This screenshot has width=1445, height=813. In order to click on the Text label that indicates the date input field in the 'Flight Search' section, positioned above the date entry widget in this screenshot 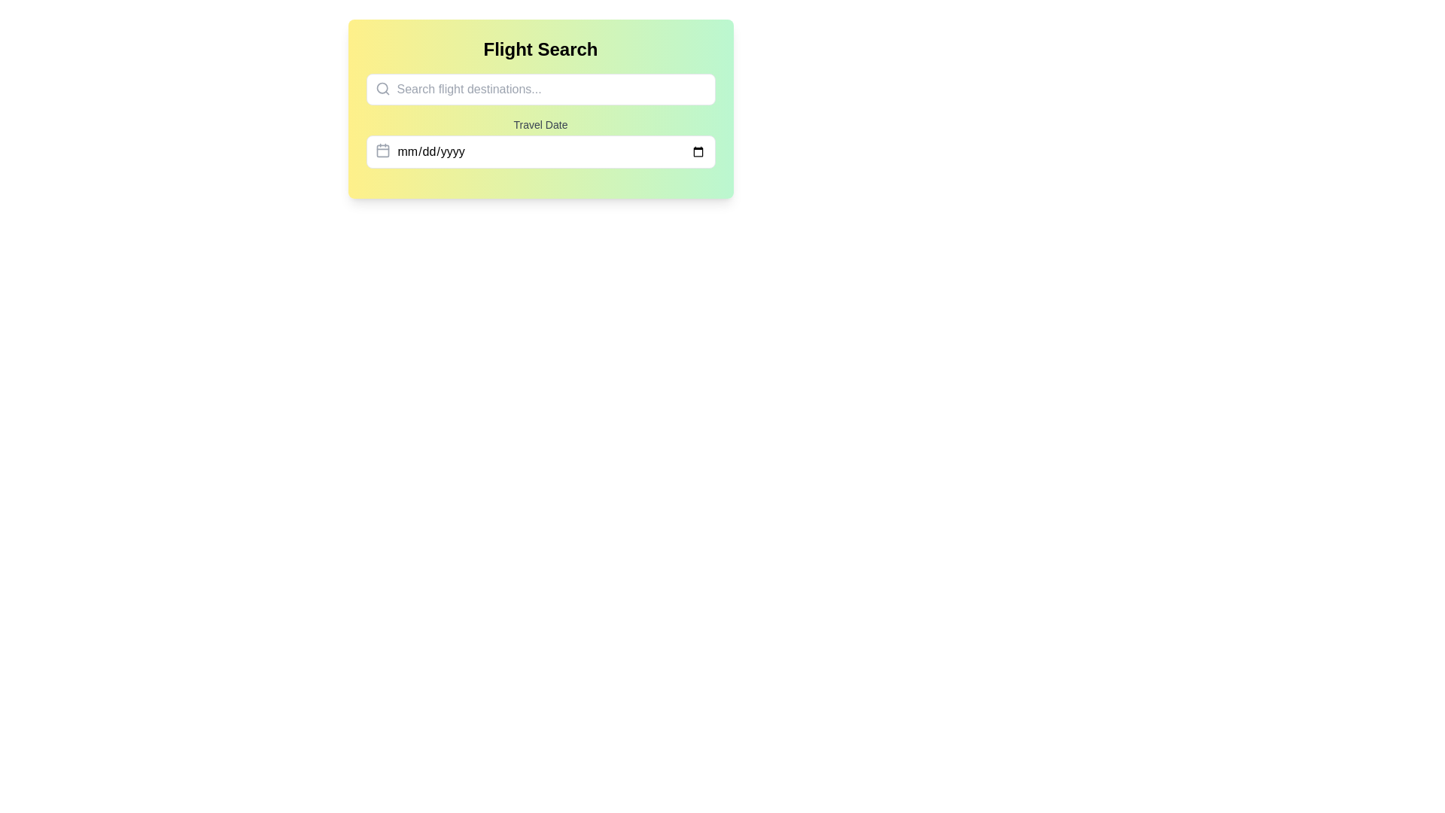, I will do `click(540, 123)`.